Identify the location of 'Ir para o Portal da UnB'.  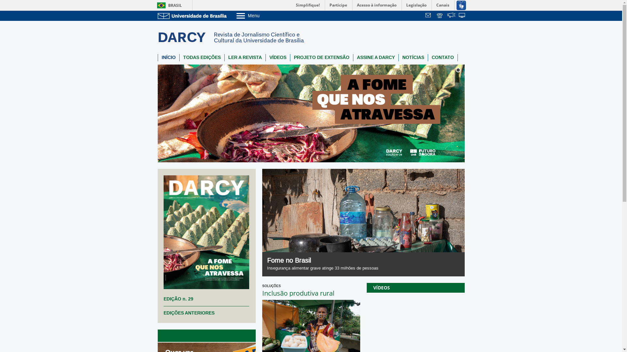
(193, 15).